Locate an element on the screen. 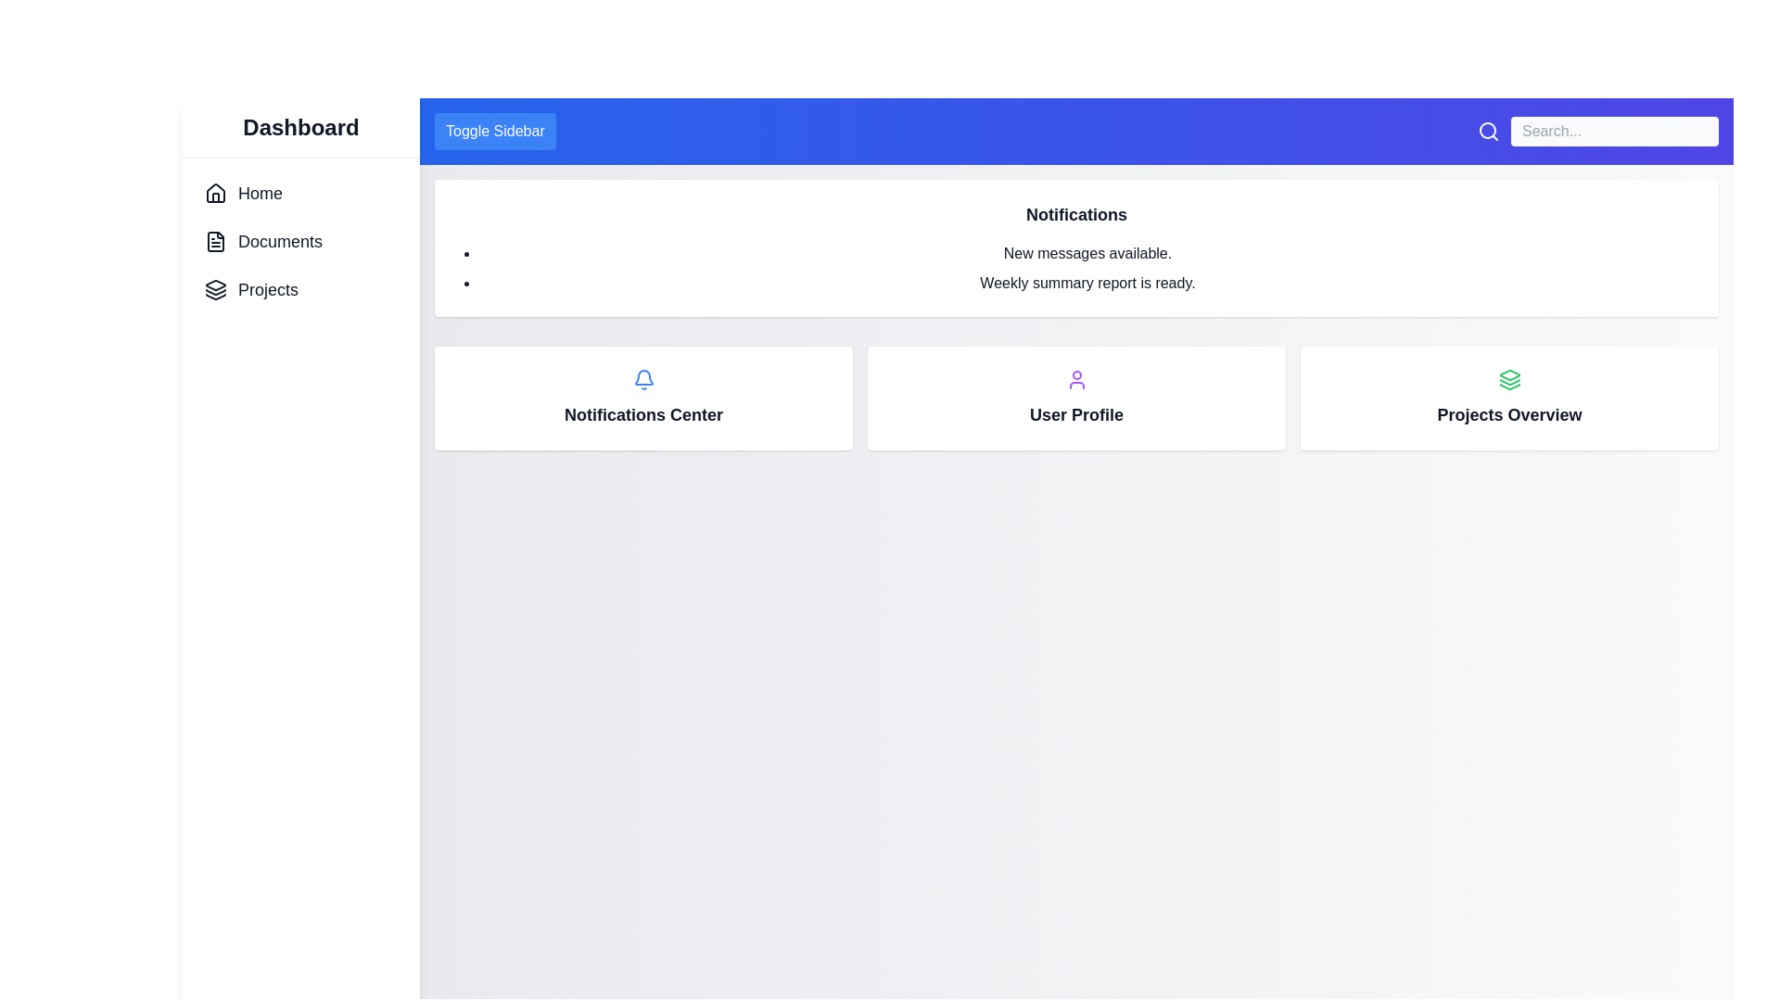 This screenshot has width=1780, height=1001. the text element reading 'Weekly summary report is ready.' which is the second item in the bulleted list under the 'Notifications' section is located at coordinates (1087, 283).